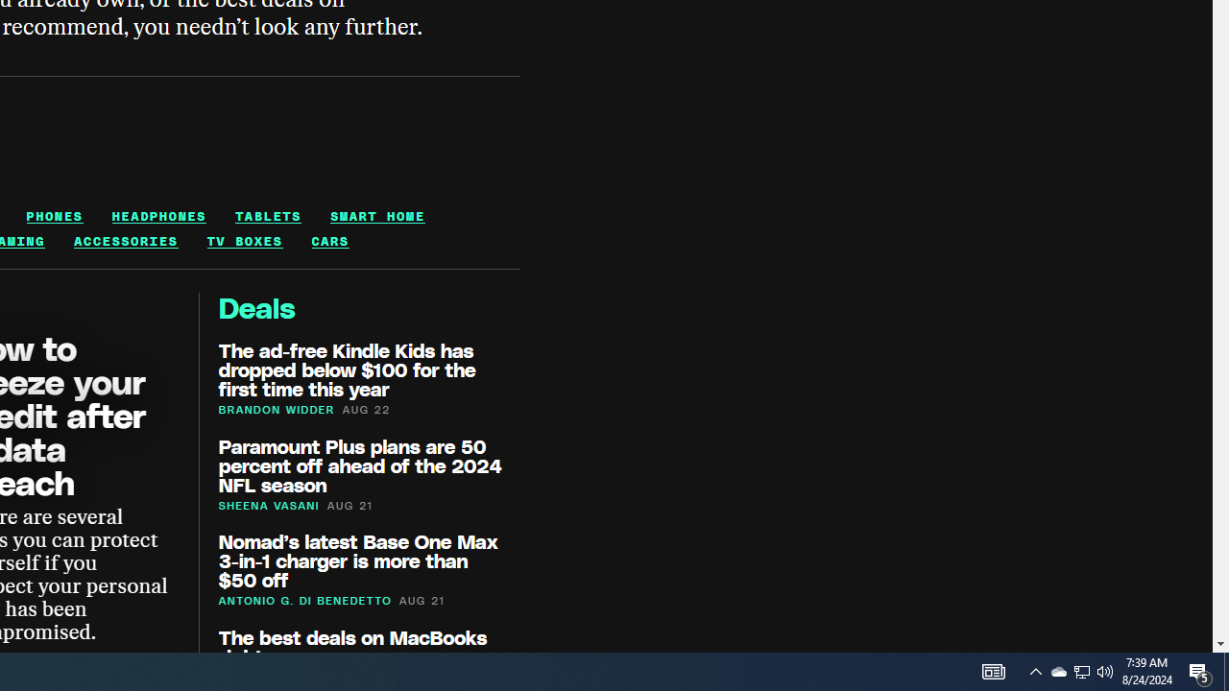 This screenshot has width=1229, height=691. Describe the element at coordinates (125, 240) in the screenshot. I see `'ACCESSORIES'` at that location.